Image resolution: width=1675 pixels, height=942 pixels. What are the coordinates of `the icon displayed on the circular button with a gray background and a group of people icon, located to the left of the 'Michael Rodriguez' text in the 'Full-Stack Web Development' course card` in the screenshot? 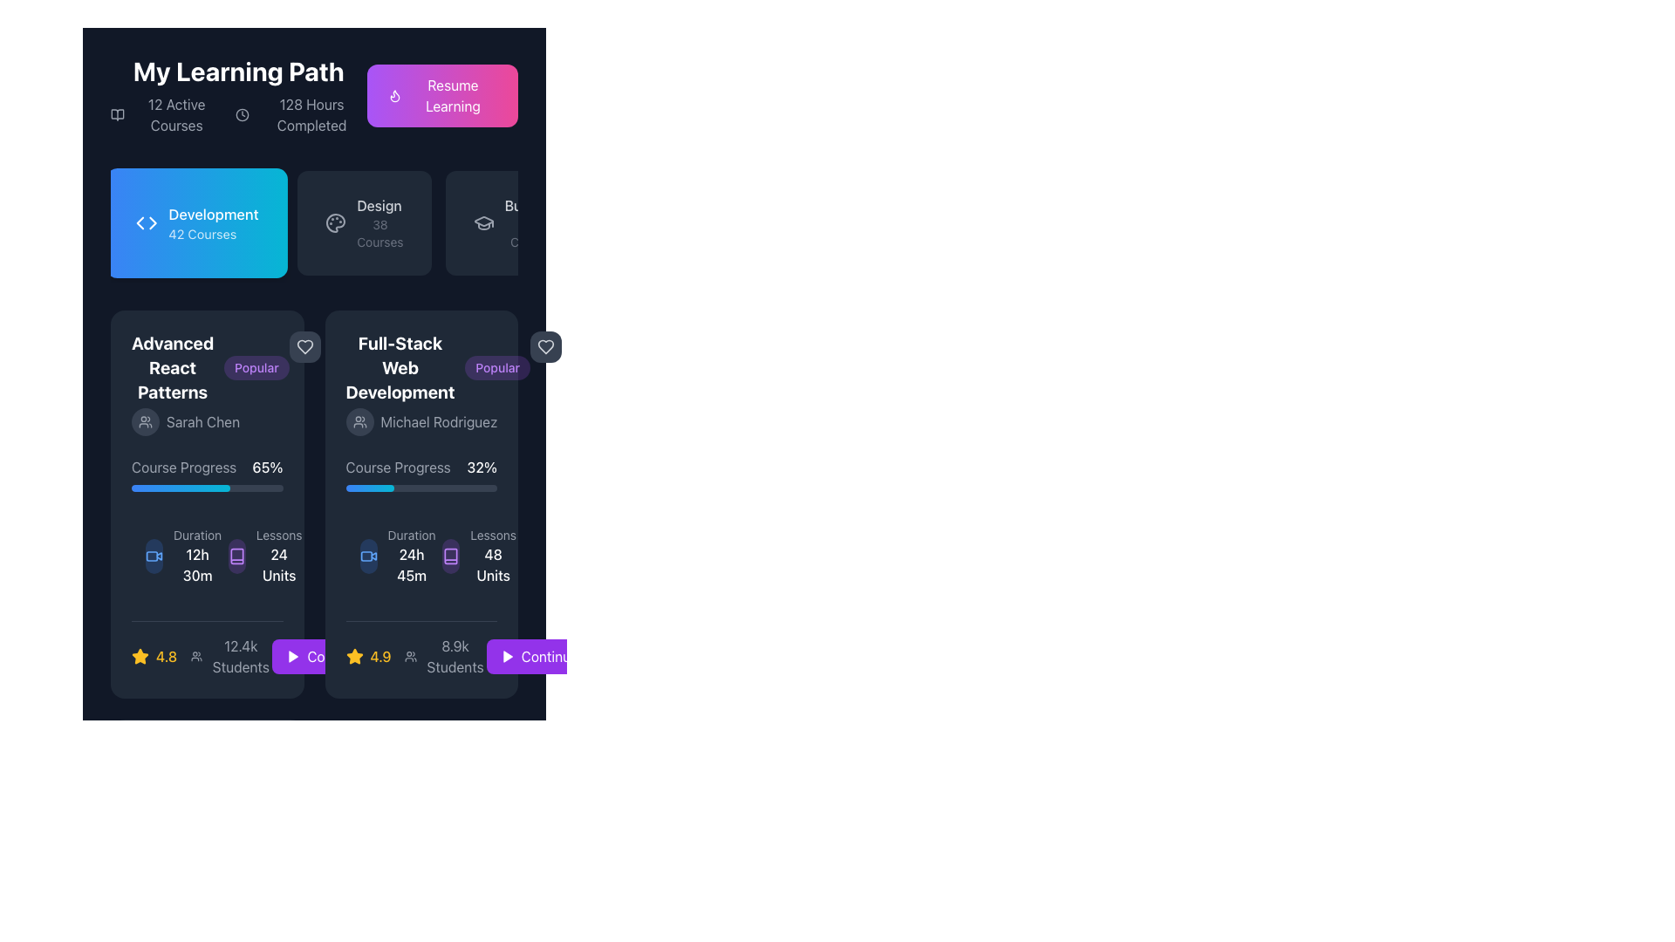 It's located at (359, 421).